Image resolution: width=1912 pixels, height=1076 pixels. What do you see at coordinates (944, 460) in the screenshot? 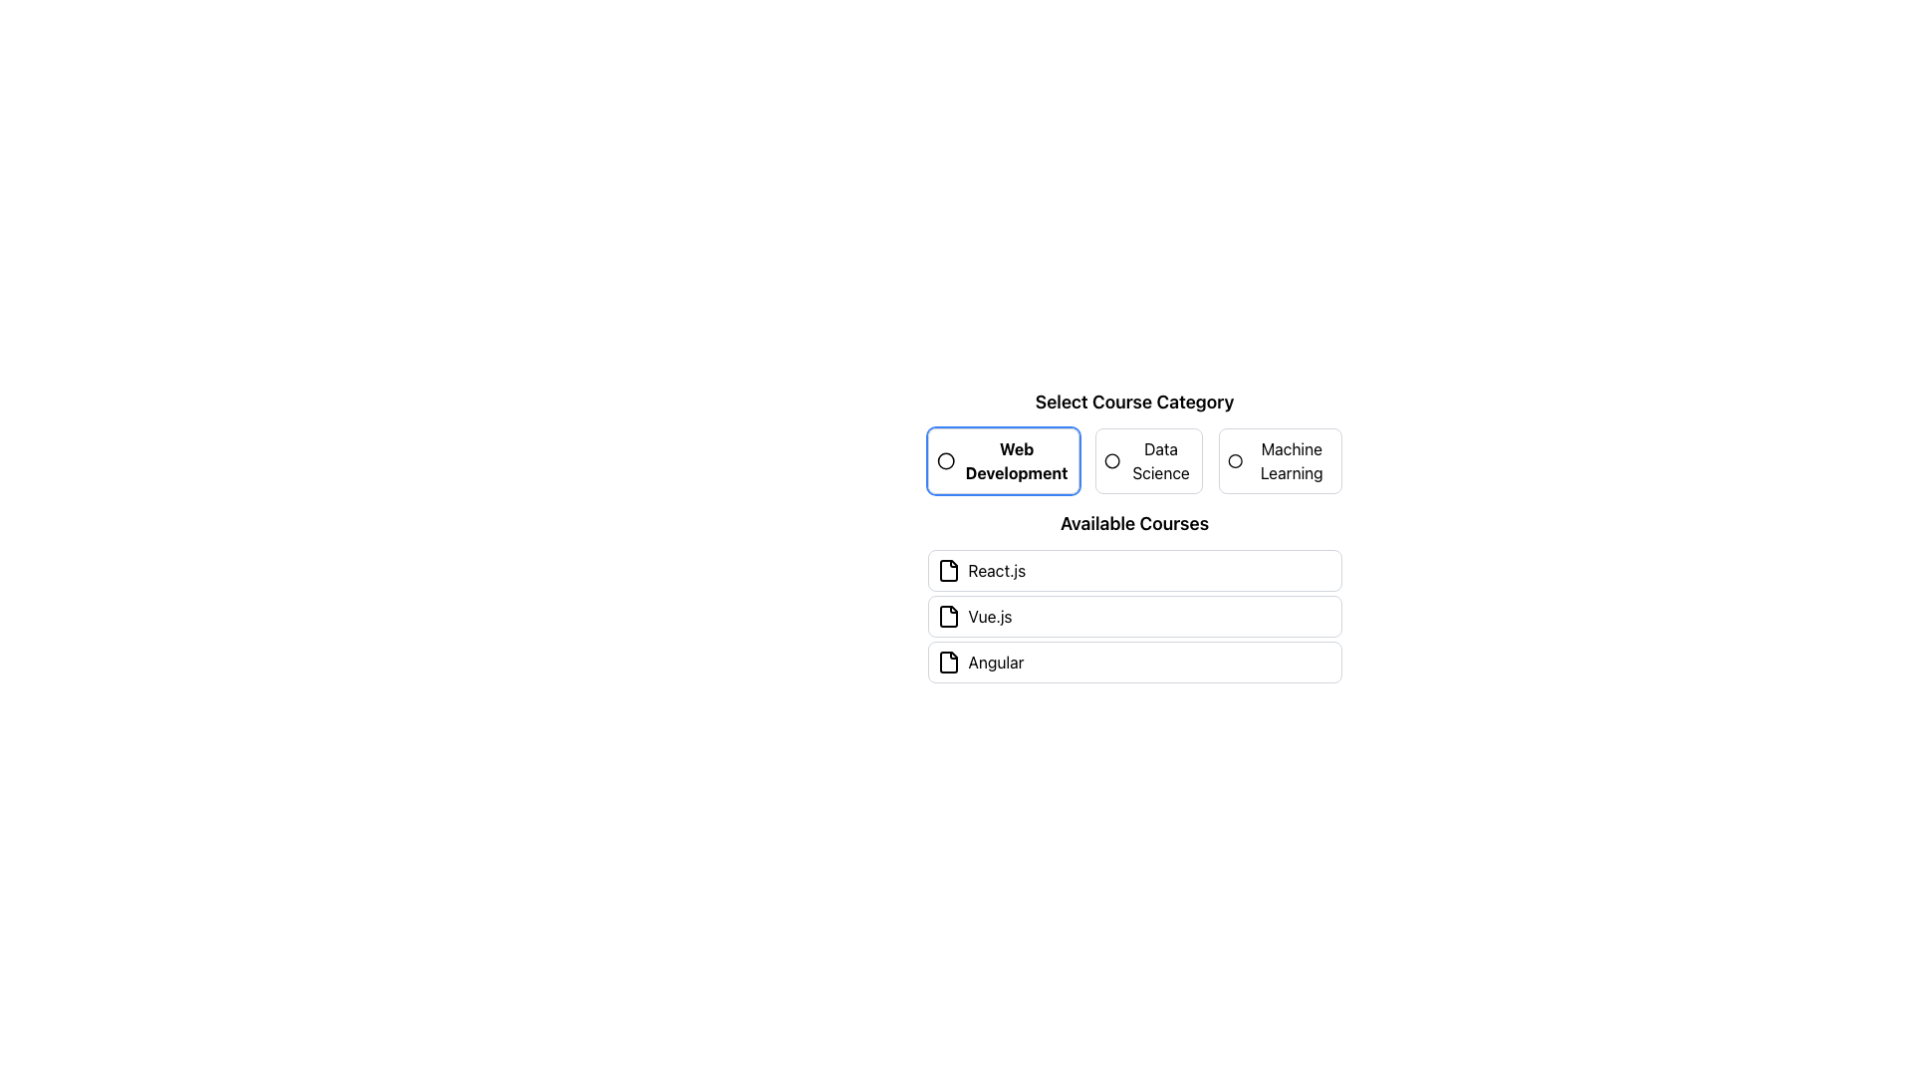
I see `the button labeled 'Web Development' that contains the circular outline icon with a bold black stroke positioned to the left of the text` at bounding box center [944, 460].